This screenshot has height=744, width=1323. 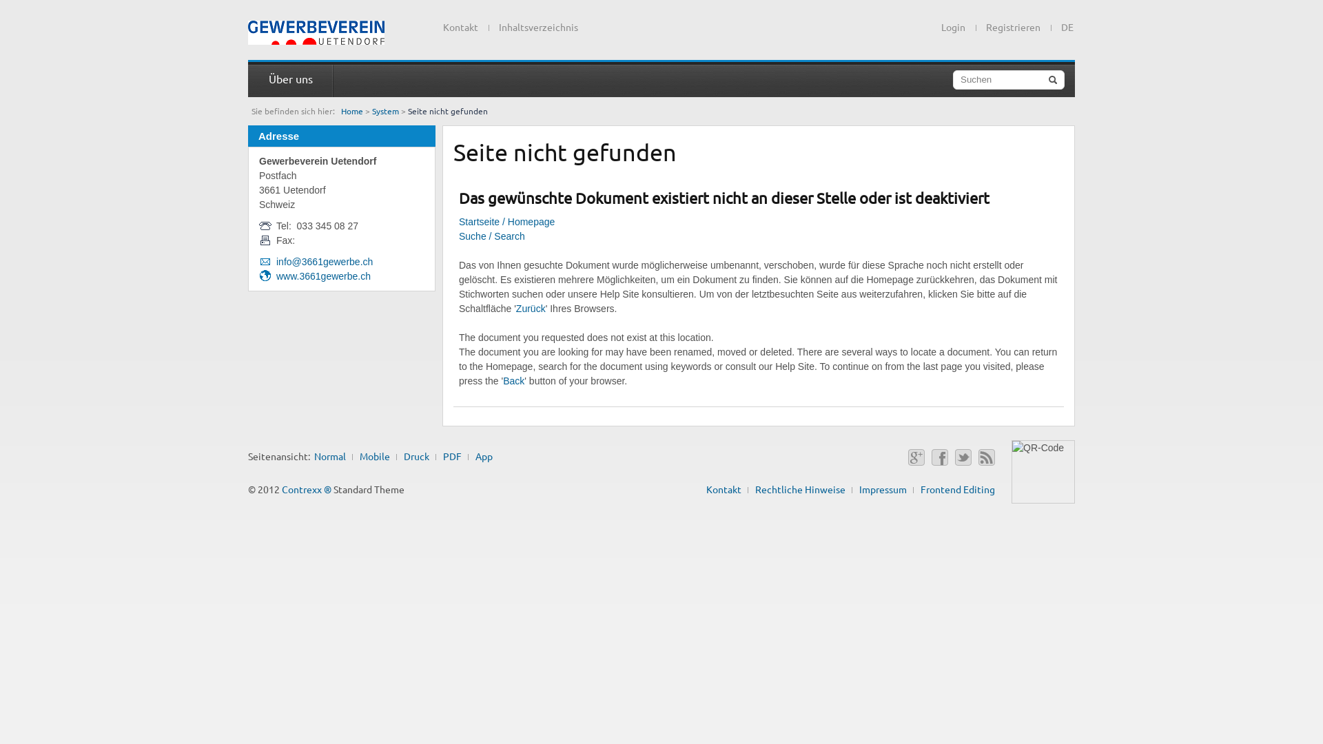 I want to click on 'Home', so click(x=351, y=110).